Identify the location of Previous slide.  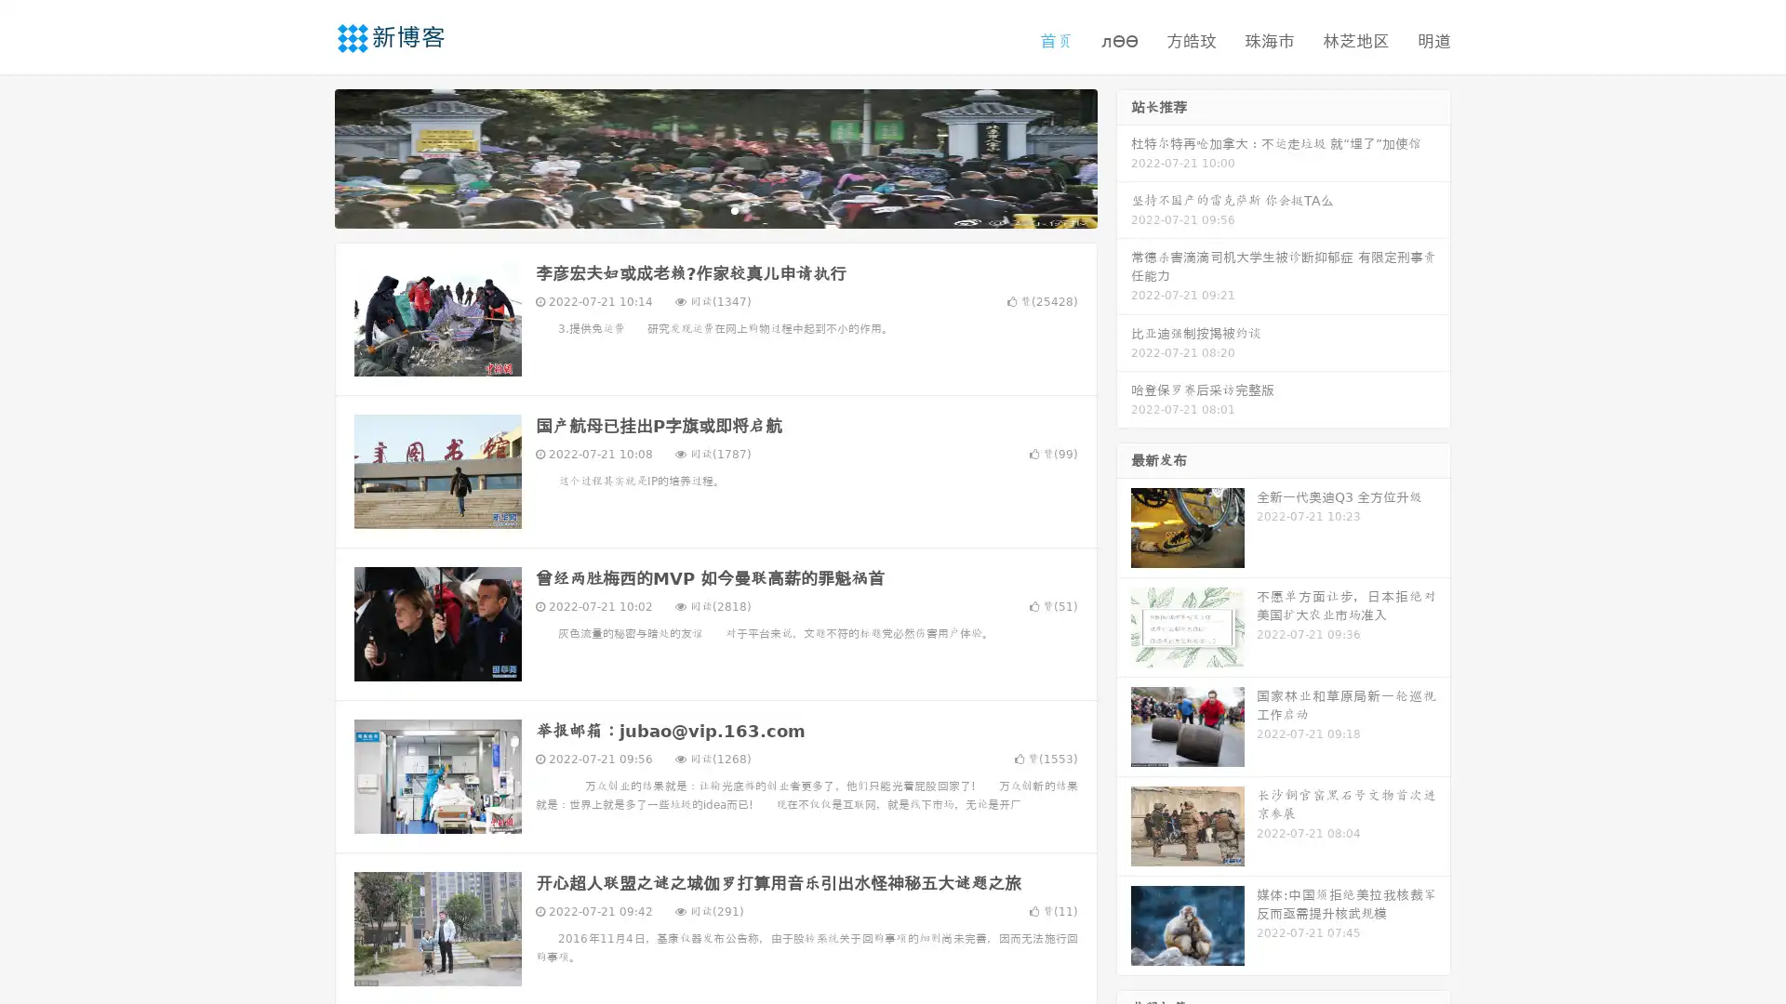
(307, 156).